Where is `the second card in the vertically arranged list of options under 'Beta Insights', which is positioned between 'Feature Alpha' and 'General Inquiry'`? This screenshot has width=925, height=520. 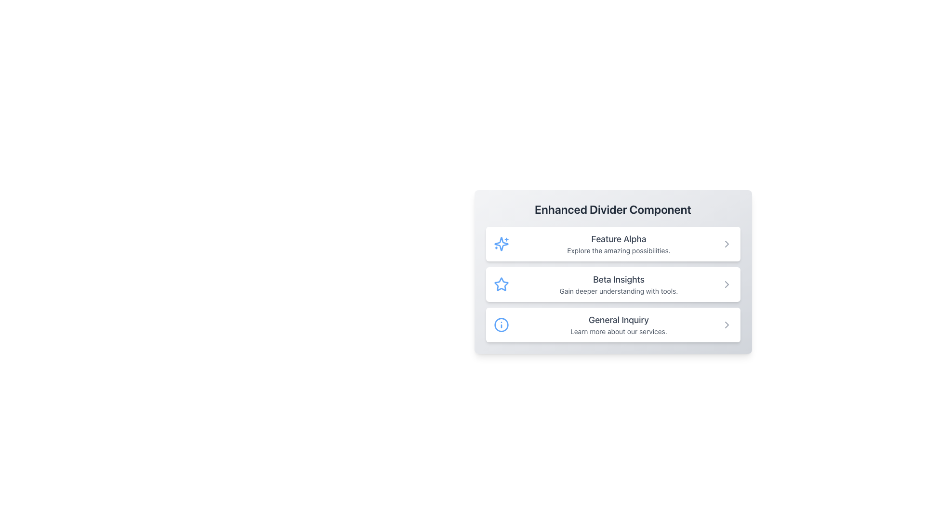
the second card in the vertically arranged list of options under 'Beta Insights', which is positioned between 'Feature Alpha' and 'General Inquiry' is located at coordinates (612, 284).